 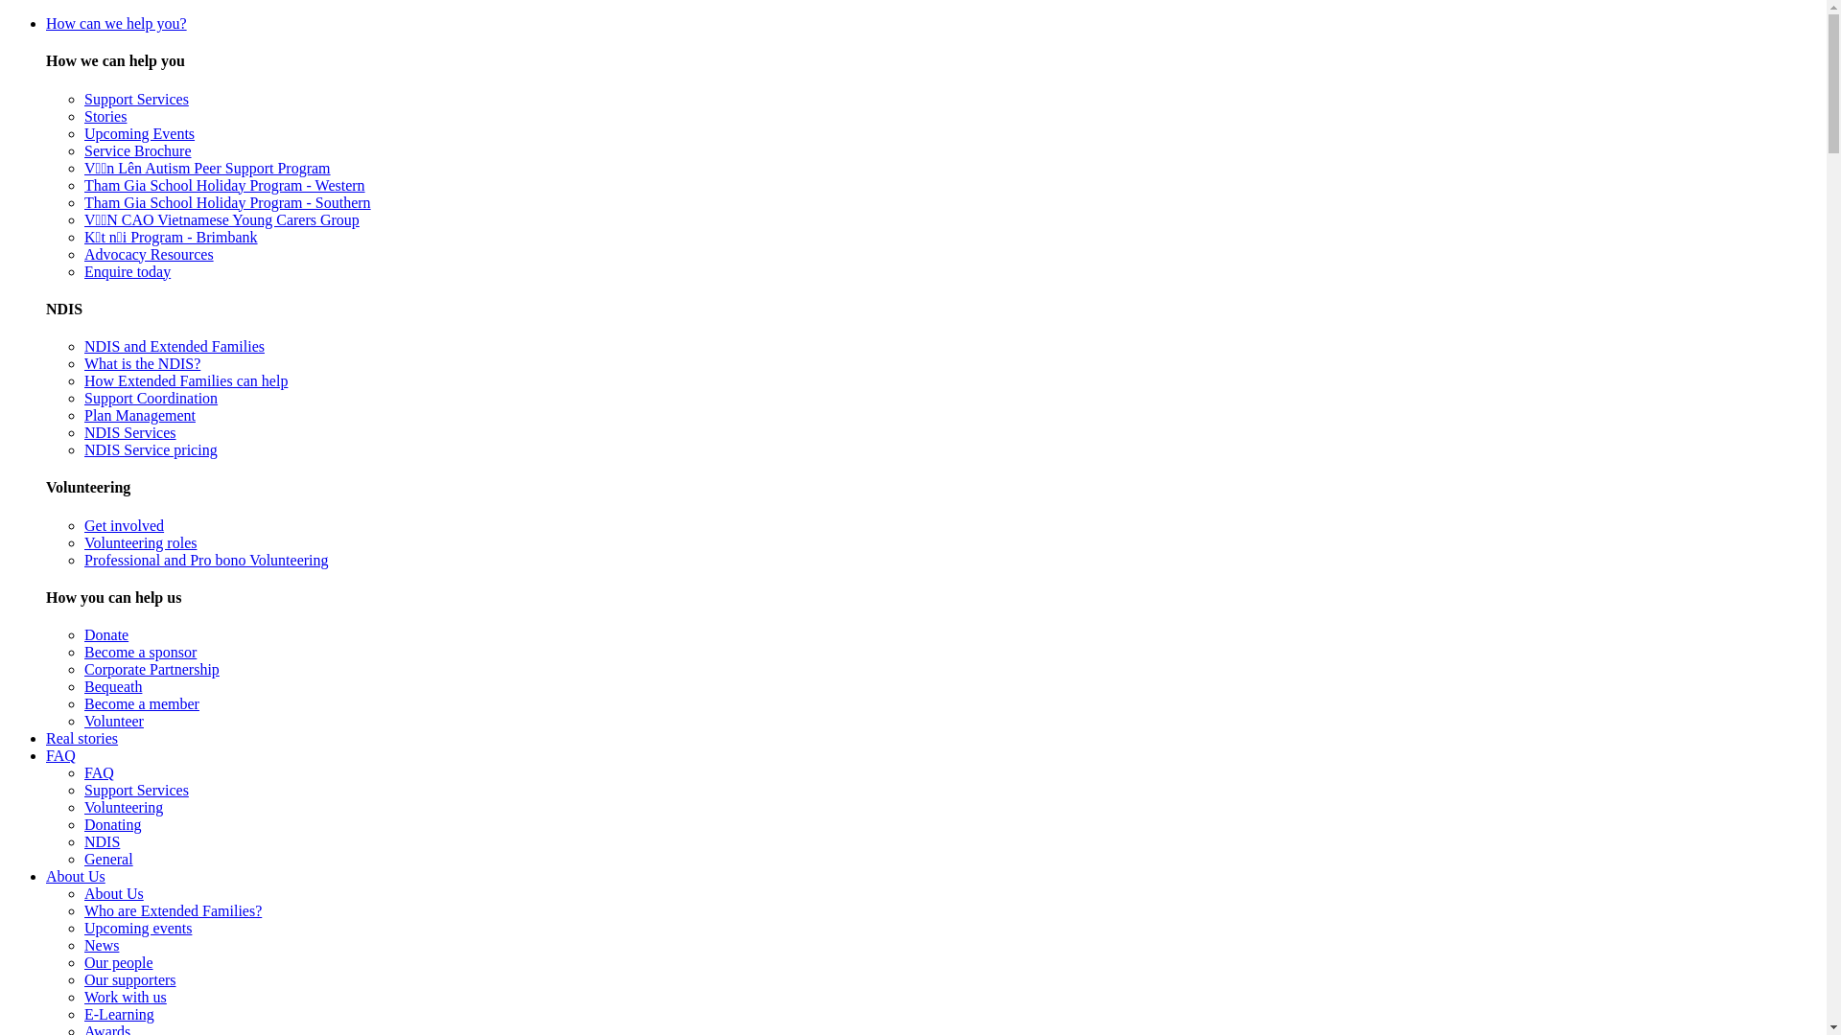 I want to click on 'Corporate Partnership', so click(x=151, y=668).